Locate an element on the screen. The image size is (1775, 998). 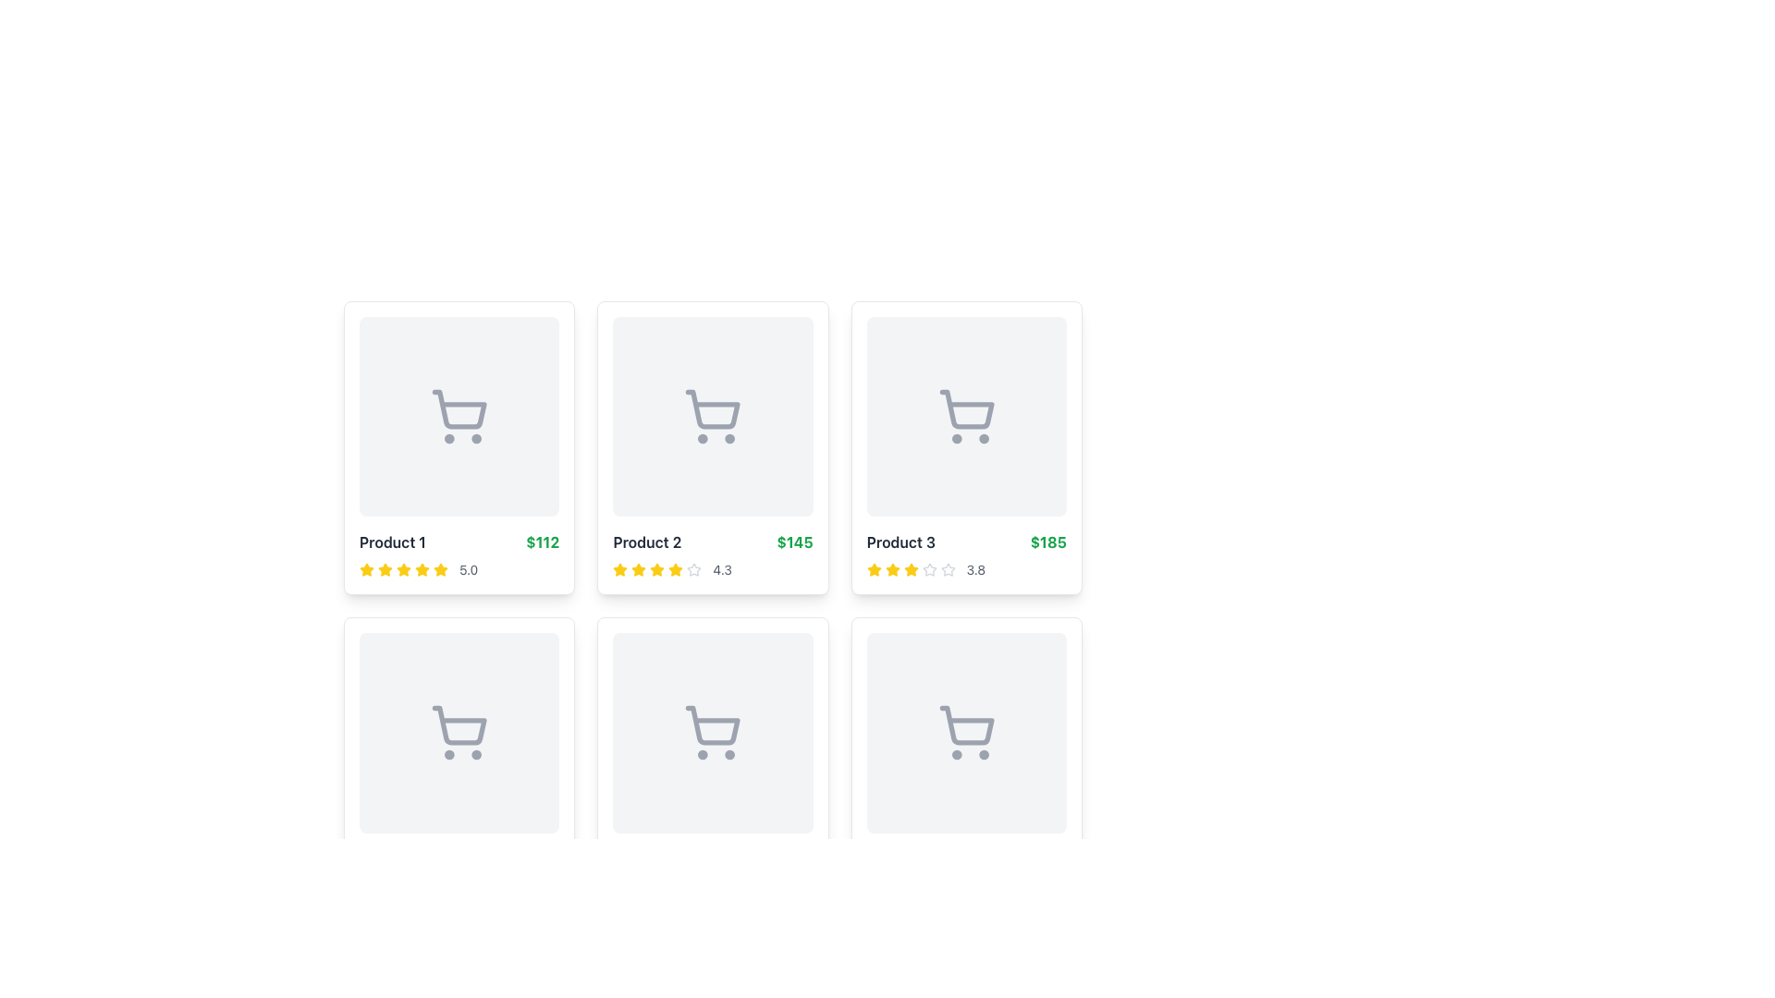
the 'favorite' button located at the top-right corner of the product card for 'Product 2' to change its color is located at coordinates (785, 345).